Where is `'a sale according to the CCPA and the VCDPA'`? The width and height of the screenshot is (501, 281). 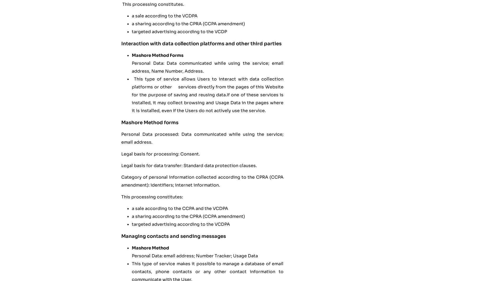 'a sale according to the CCPA and the VCDPA' is located at coordinates (180, 208).